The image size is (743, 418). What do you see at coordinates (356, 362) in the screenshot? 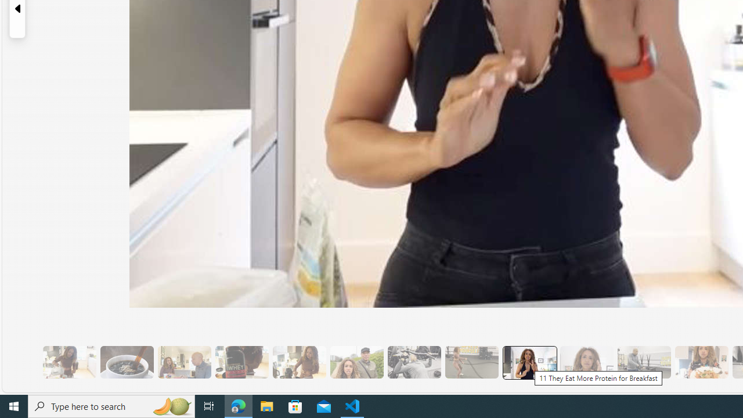
I see `'8 They Walk to the Gym'` at bounding box center [356, 362].